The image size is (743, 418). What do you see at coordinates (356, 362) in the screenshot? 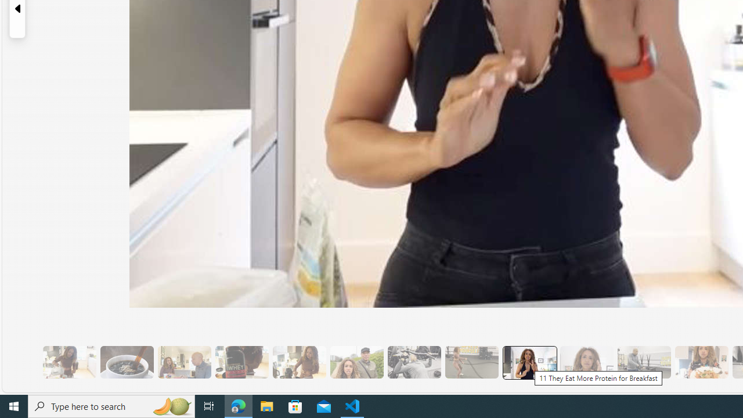
I see `'8 They Walk to the Gym'` at bounding box center [356, 362].